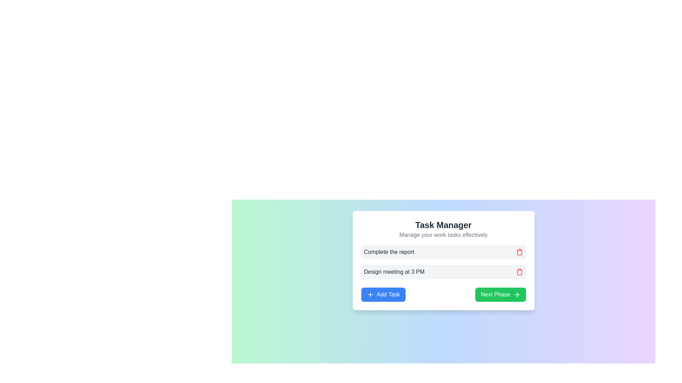 The image size is (682, 383). What do you see at coordinates (443, 251) in the screenshot?
I see `the first task item in the task management application` at bounding box center [443, 251].